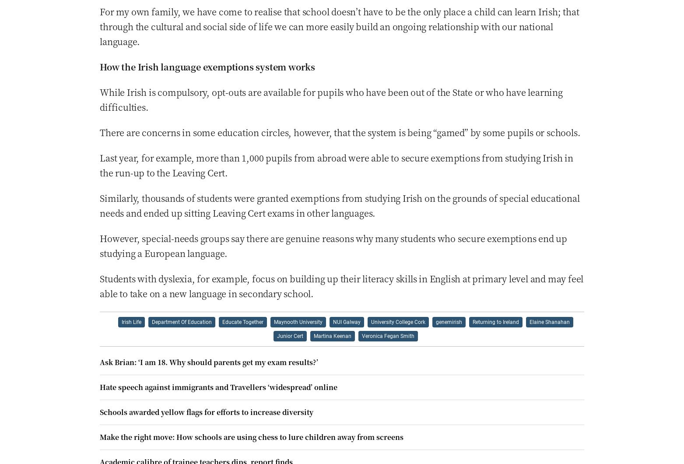 The width and height of the screenshot is (684, 464). Describe the element at coordinates (495, 321) in the screenshot. I see `'Returning to Ireland'` at that location.